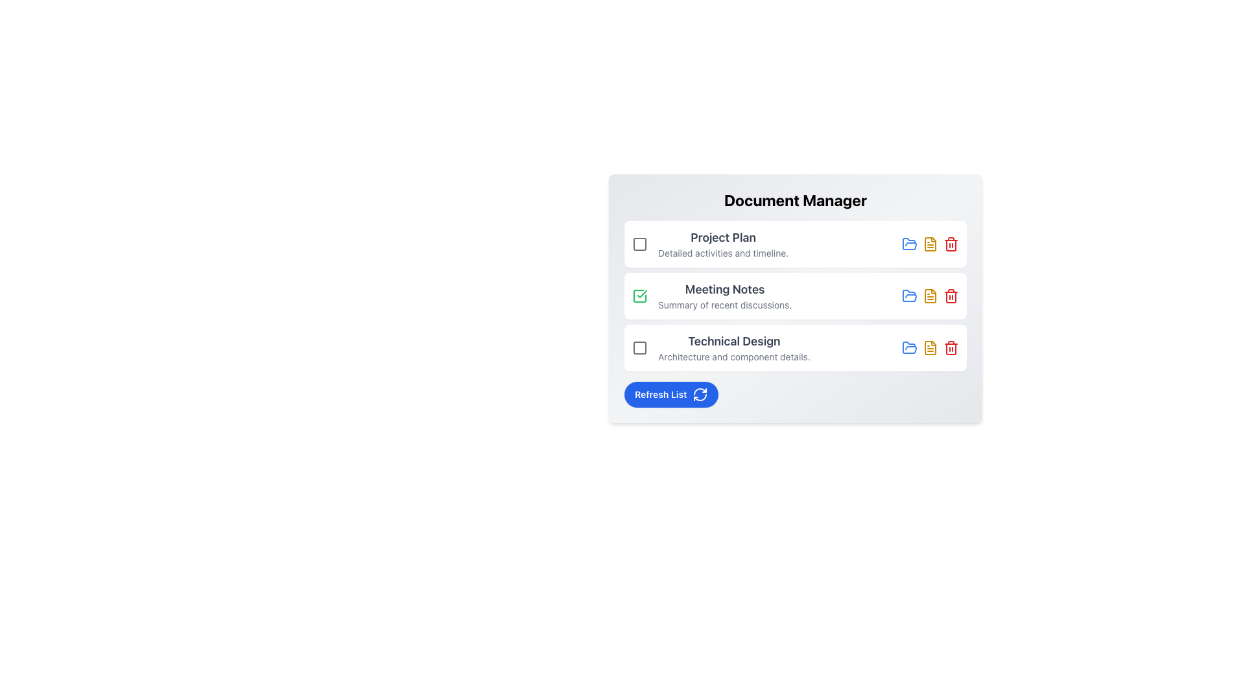  Describe the element at coordinates (640, 296) in the screenshot. I see `the checkbox element located at the beginning of the 'Meeting Notes' section, which is filled with a green check mark` at that location.